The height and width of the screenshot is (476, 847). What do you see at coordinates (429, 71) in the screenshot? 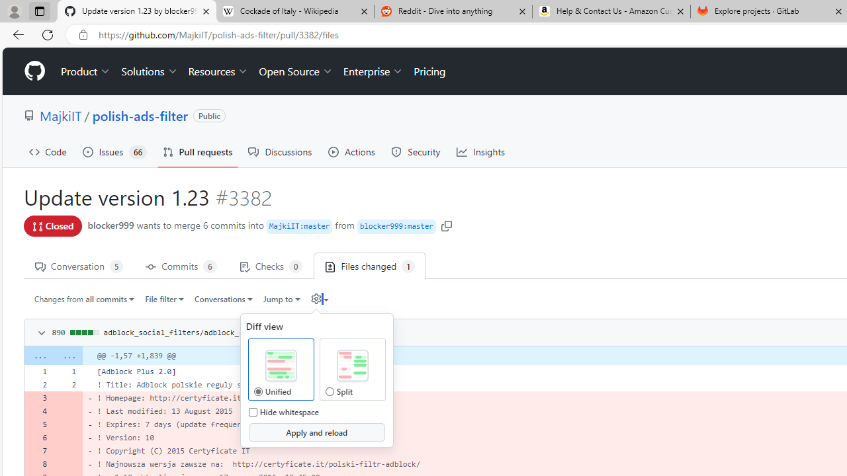
I see `'Pricing'` at bounding box center [429, 71].